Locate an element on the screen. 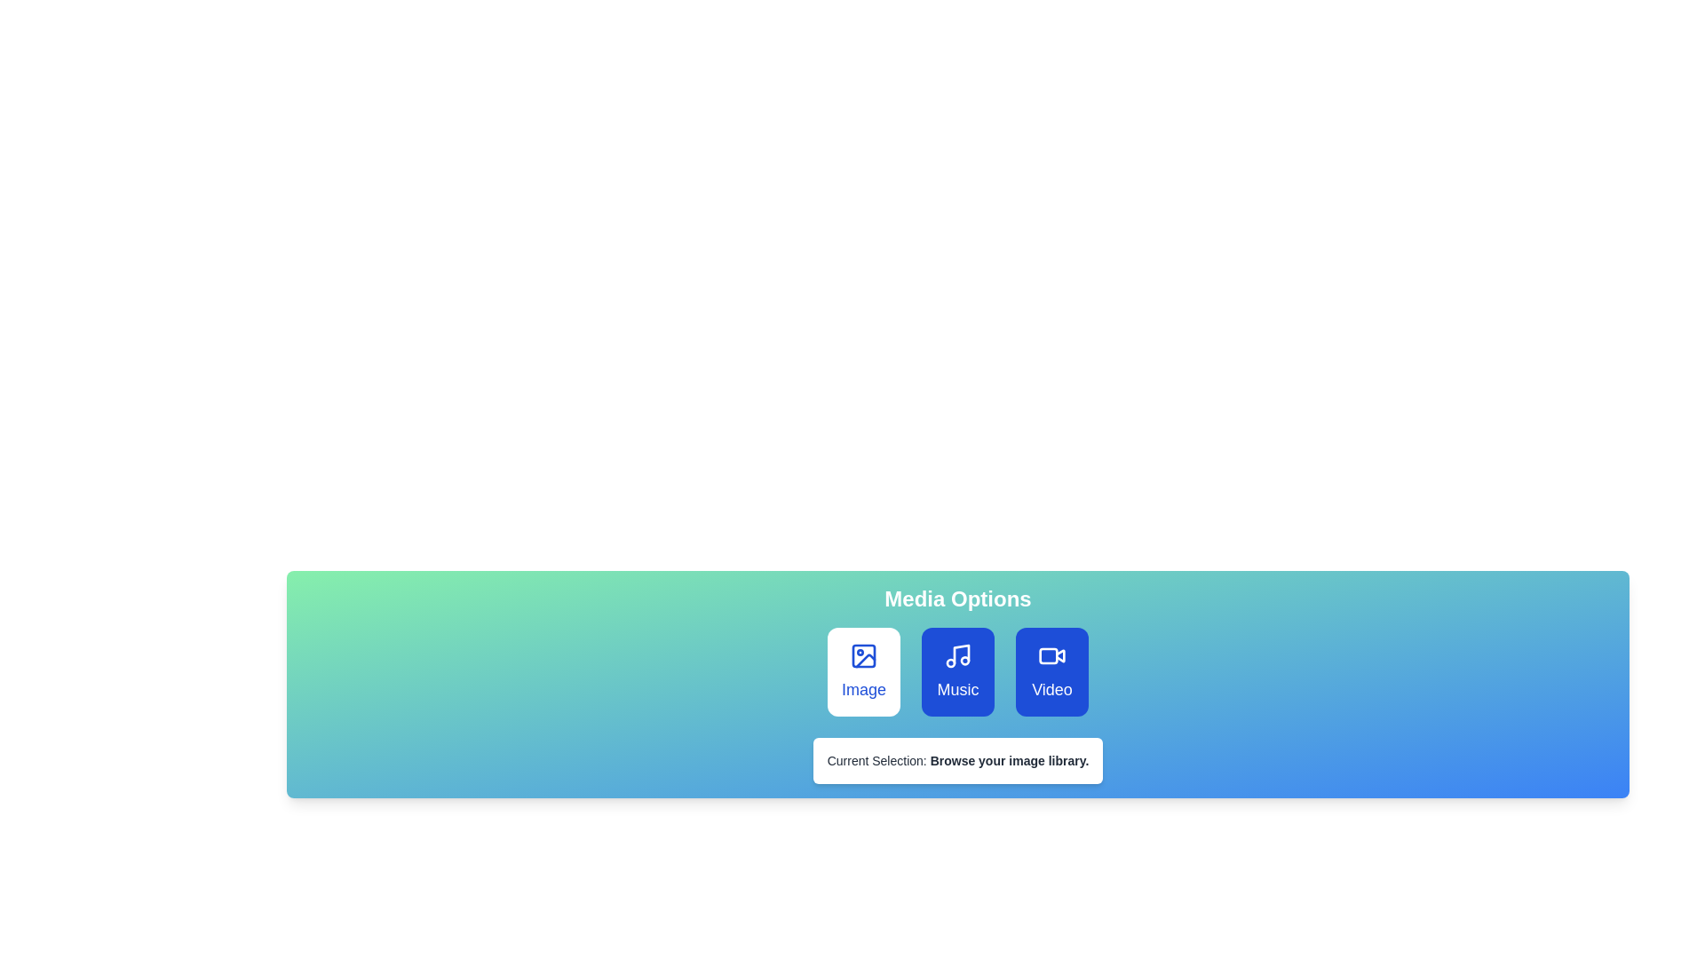 The width and height of the screenshot is (1705, 959). the video camera icon with a blue background and white lines, located in the third button from the left above the text 'Video' is located at coordinates (1052, 656).